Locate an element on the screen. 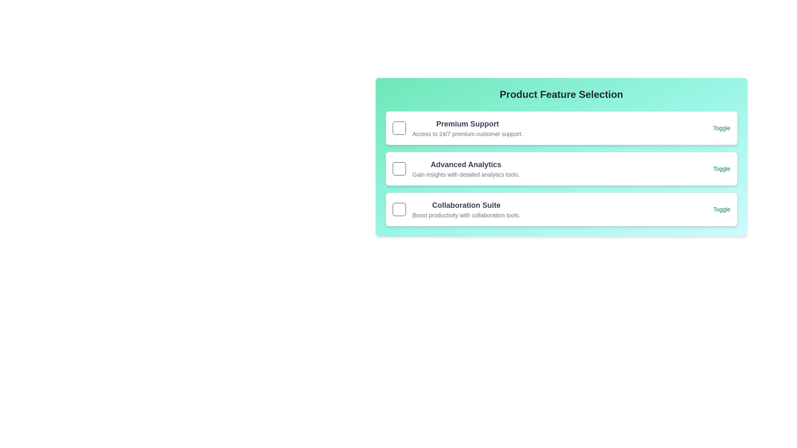 Image resolution: width=797 pixels, height=448 pixels. the checkbox next to the 'Advanced Analytics' feature selection is located at coordinates (455, 168).